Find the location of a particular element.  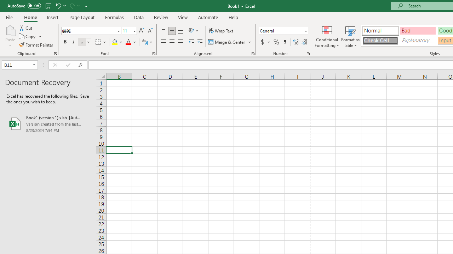

'Explanatory Text' is located at coordinates (418, 40).